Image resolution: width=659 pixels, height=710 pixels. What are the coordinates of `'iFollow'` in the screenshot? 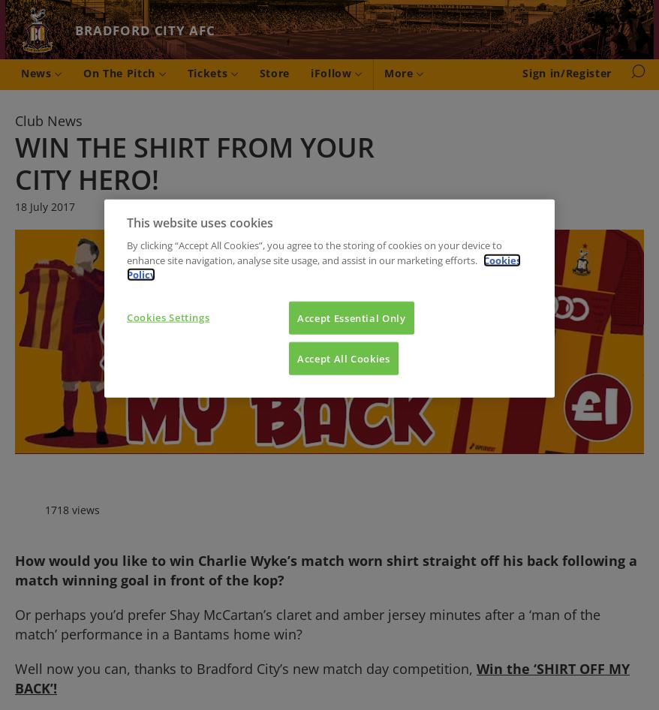 It's located at (332, 71).